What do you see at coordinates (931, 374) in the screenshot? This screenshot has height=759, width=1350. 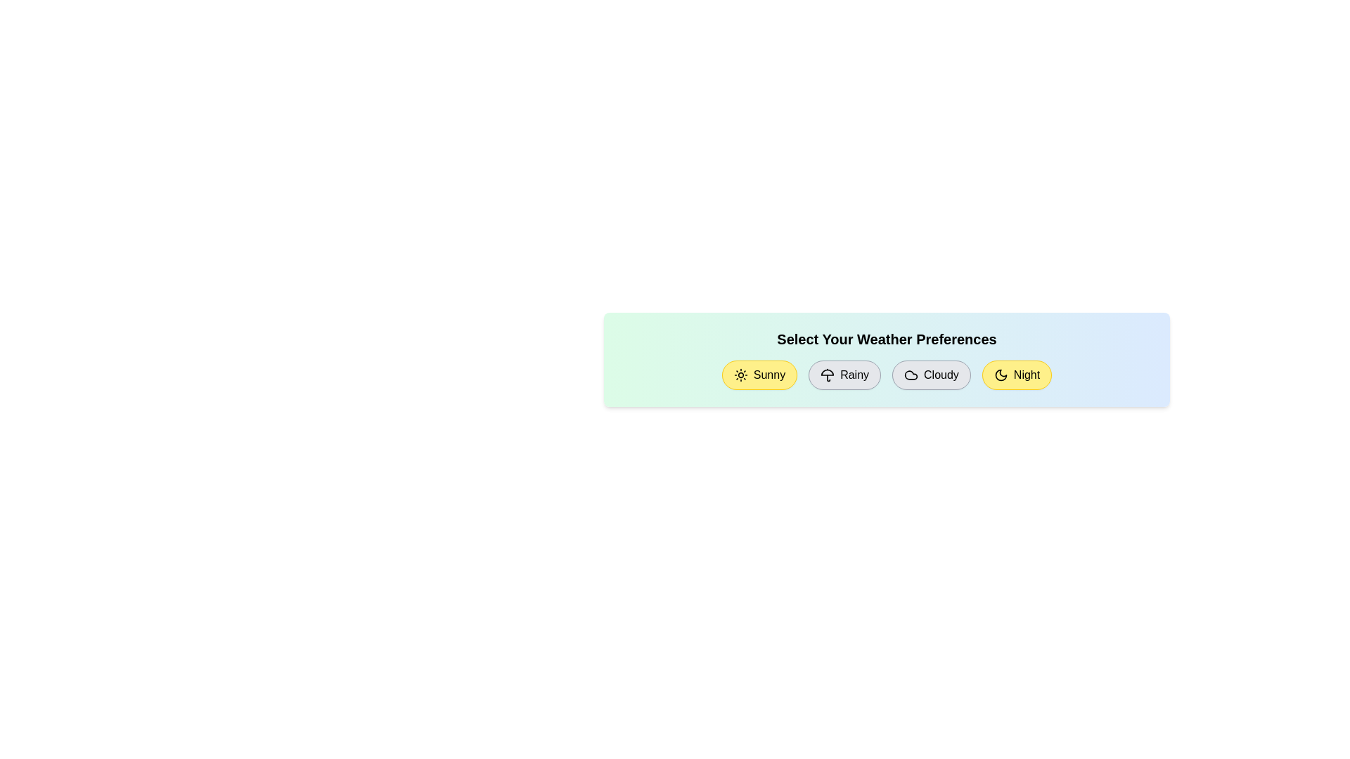 I see `the weather chip corresponding to Cloudy` at bounding box center [931, 374].